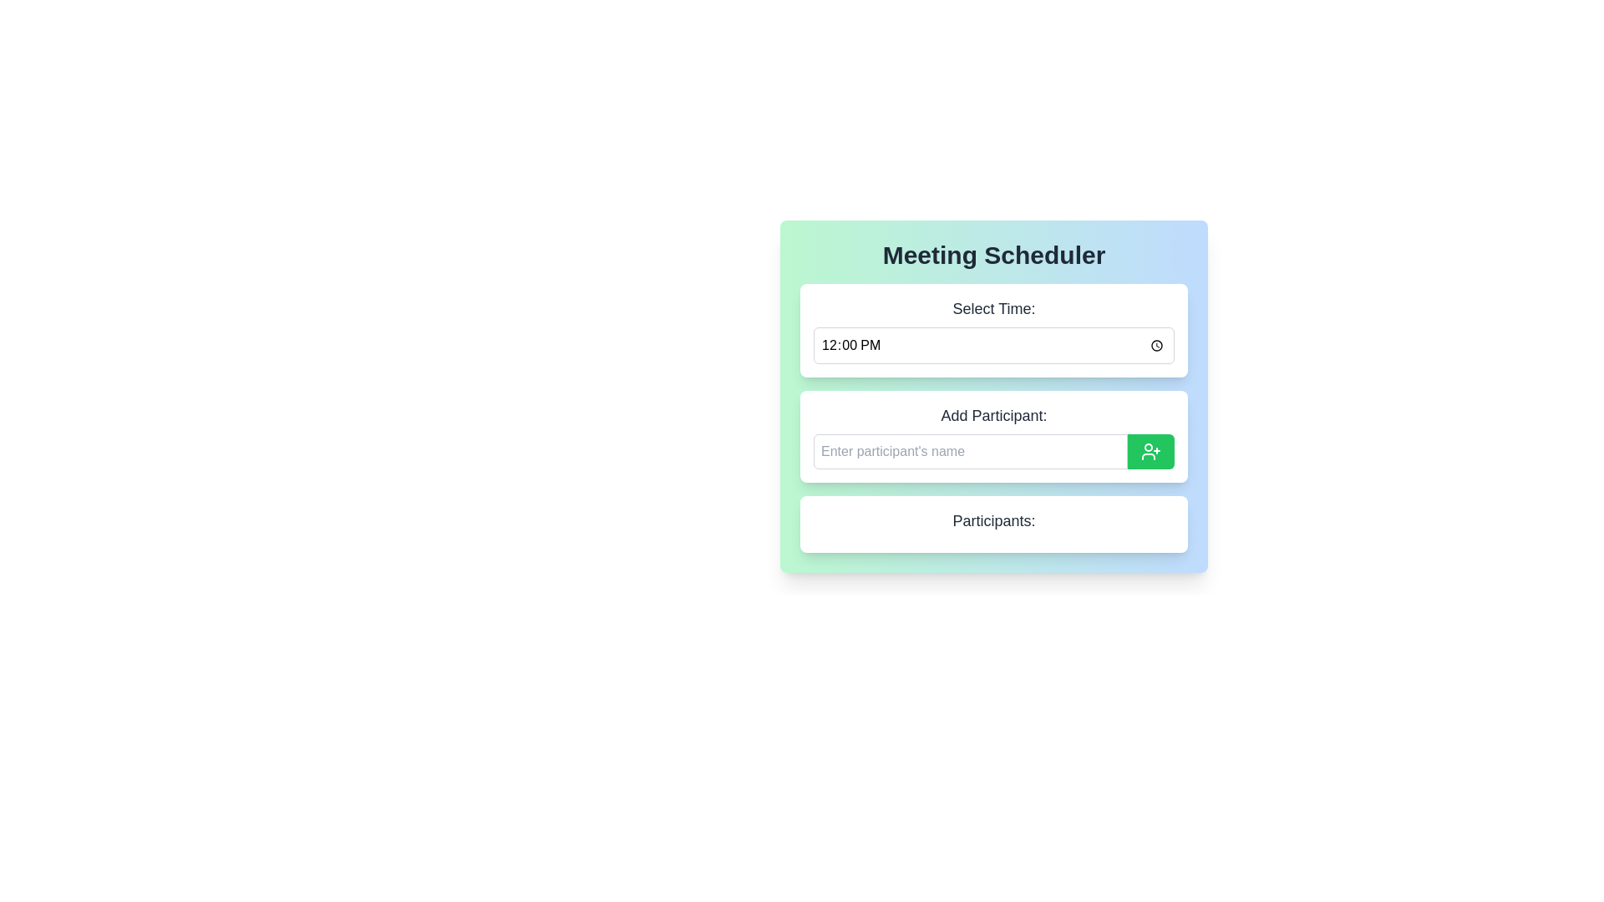  I want to click on the green button with a white user-add icon, so click(1150, 451).